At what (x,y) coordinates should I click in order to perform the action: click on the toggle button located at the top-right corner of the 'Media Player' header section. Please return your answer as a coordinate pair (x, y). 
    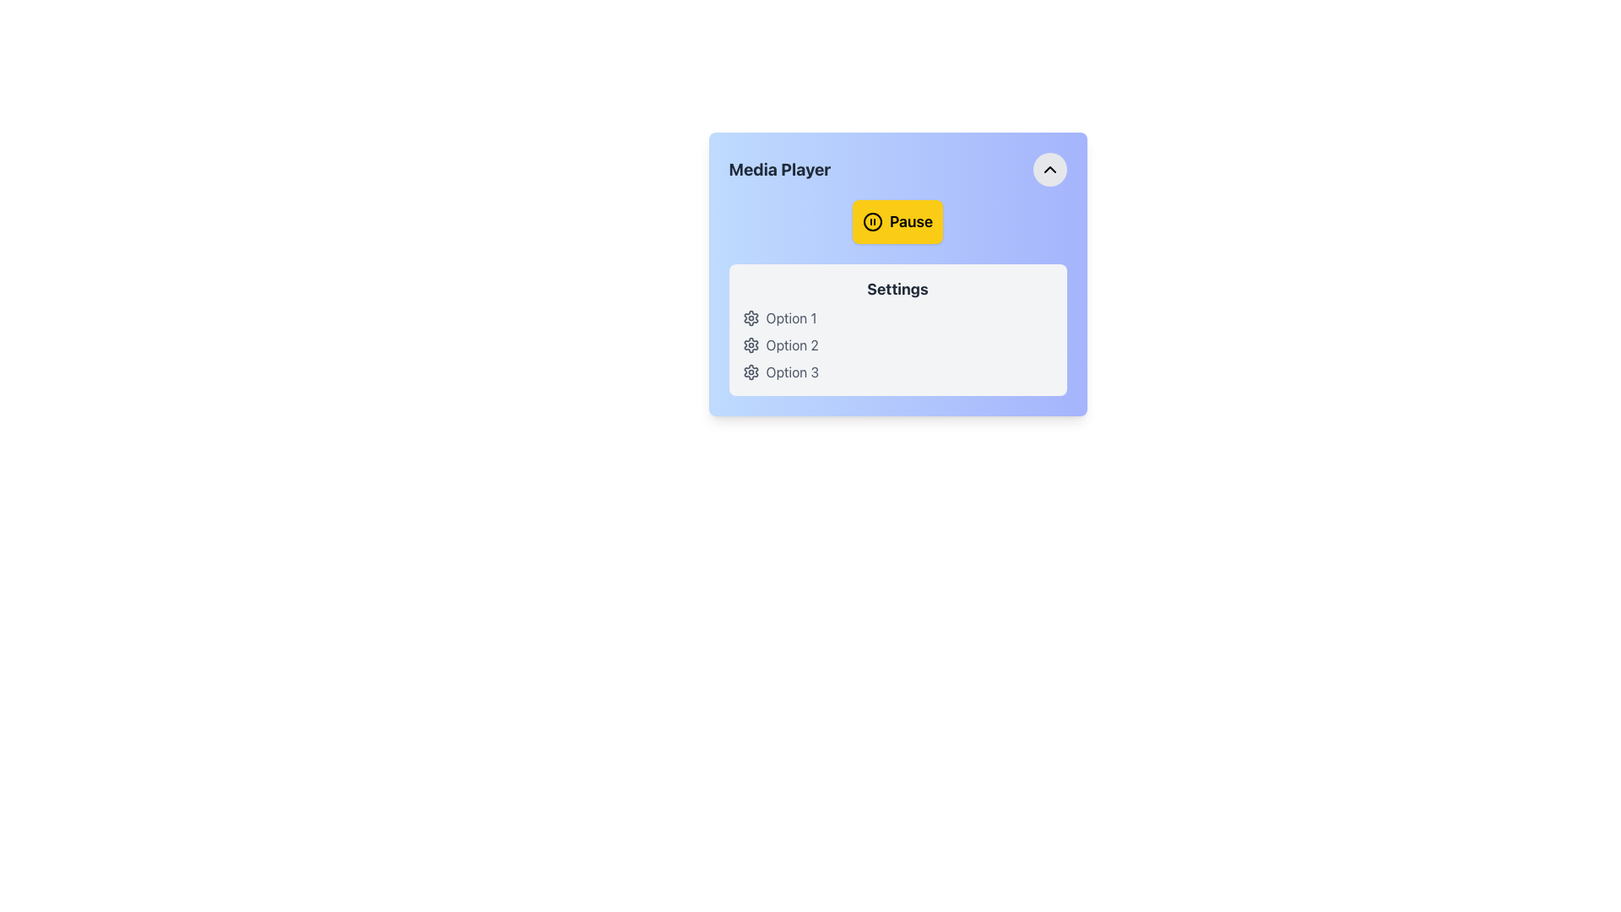
    Looking at the image, I should click on (1049, 169).